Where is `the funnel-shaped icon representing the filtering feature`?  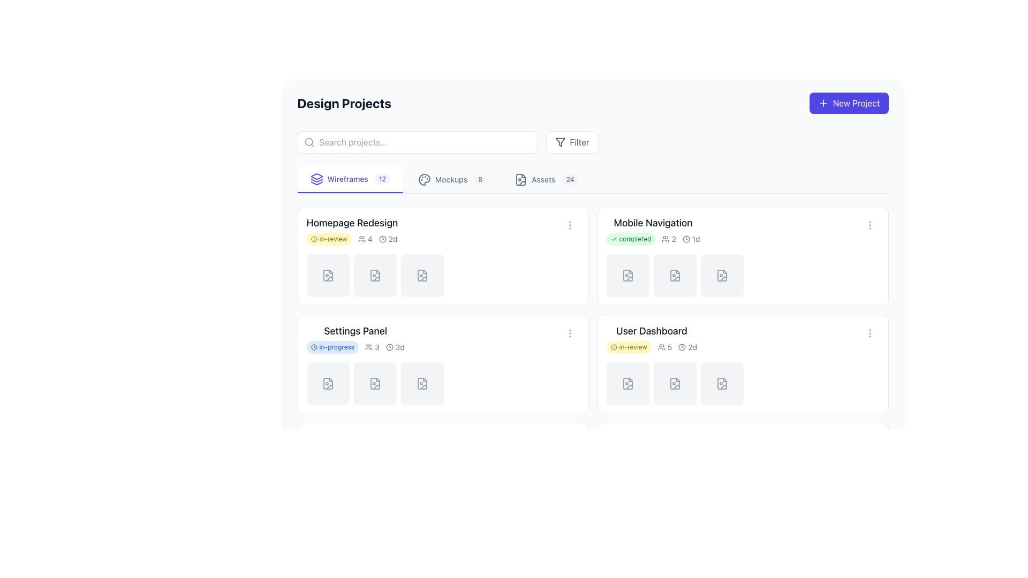
the funnel-shaped icon representing the filtering feature is located at coordinates (560, 142).